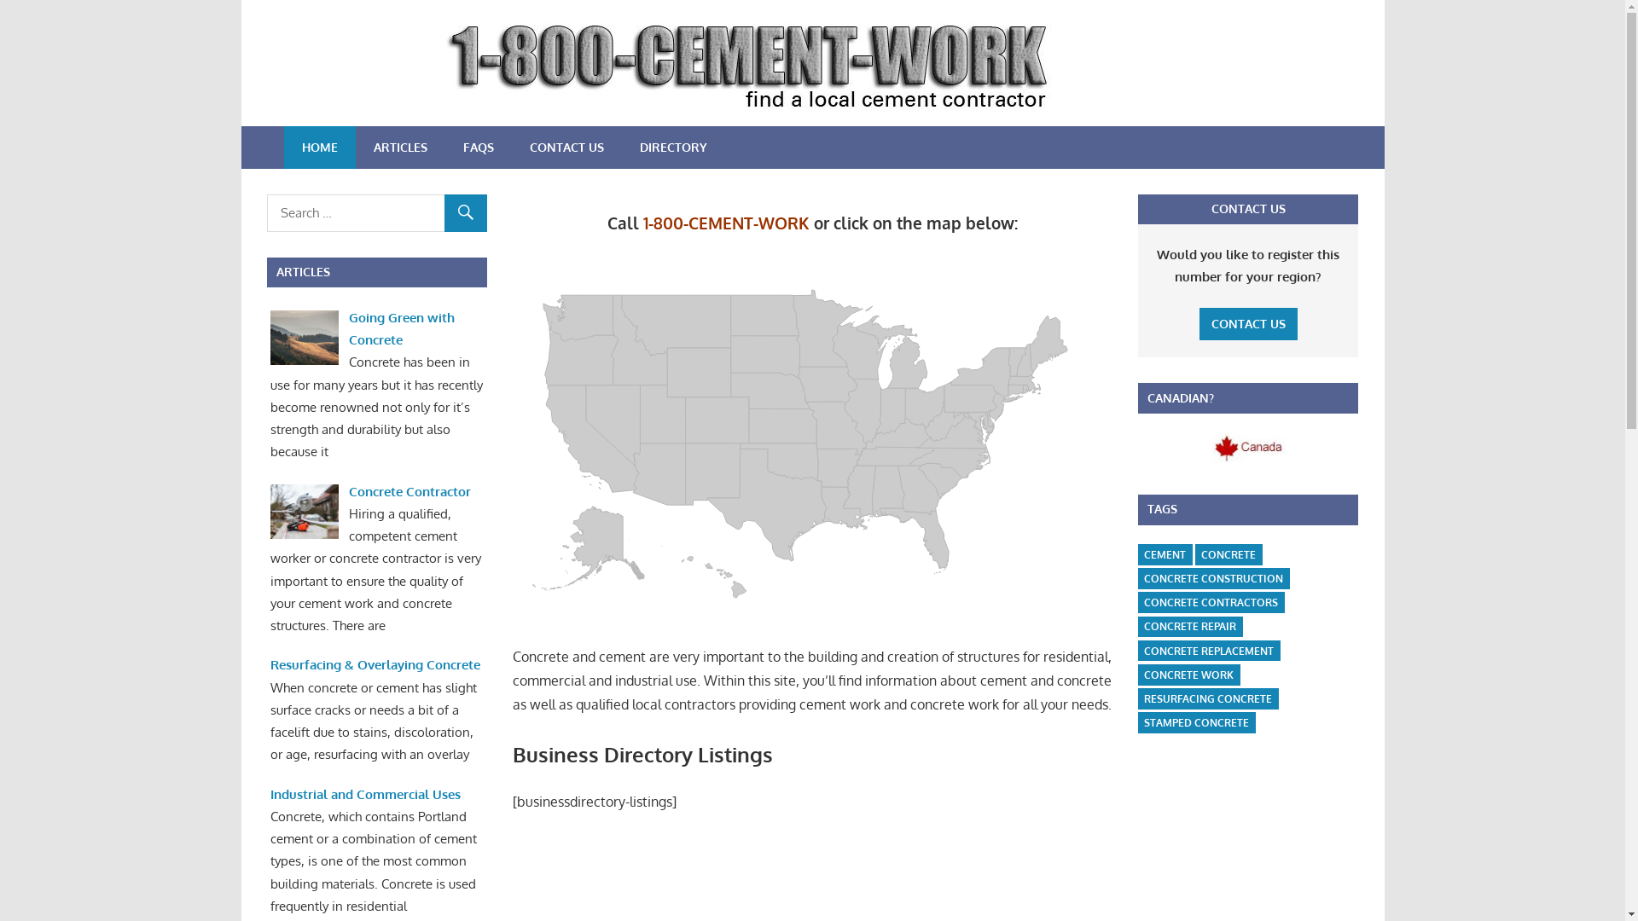 This screenshot has width=1638, height=921. Describe the element at coordinates (1195, 722) in the screenshot. I see `'STAMPED CONCRETE'` at that location.